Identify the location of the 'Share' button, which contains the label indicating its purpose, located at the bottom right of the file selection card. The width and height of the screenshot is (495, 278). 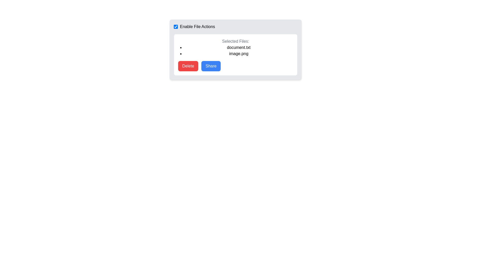
(211, 66).